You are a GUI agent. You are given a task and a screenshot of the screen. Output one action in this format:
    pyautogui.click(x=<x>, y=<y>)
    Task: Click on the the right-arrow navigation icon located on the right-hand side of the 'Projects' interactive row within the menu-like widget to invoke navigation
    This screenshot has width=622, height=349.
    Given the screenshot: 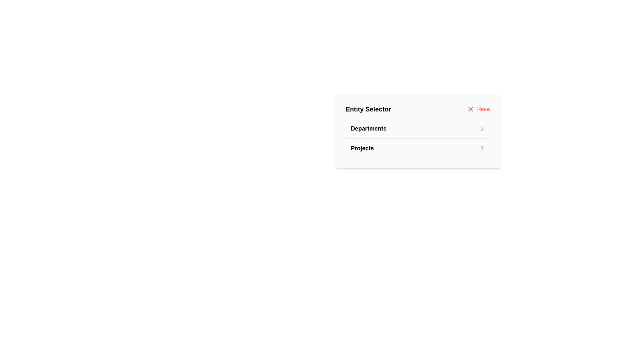 What is the action you would take?
    pyautogui.click(x=482, y=148)
    